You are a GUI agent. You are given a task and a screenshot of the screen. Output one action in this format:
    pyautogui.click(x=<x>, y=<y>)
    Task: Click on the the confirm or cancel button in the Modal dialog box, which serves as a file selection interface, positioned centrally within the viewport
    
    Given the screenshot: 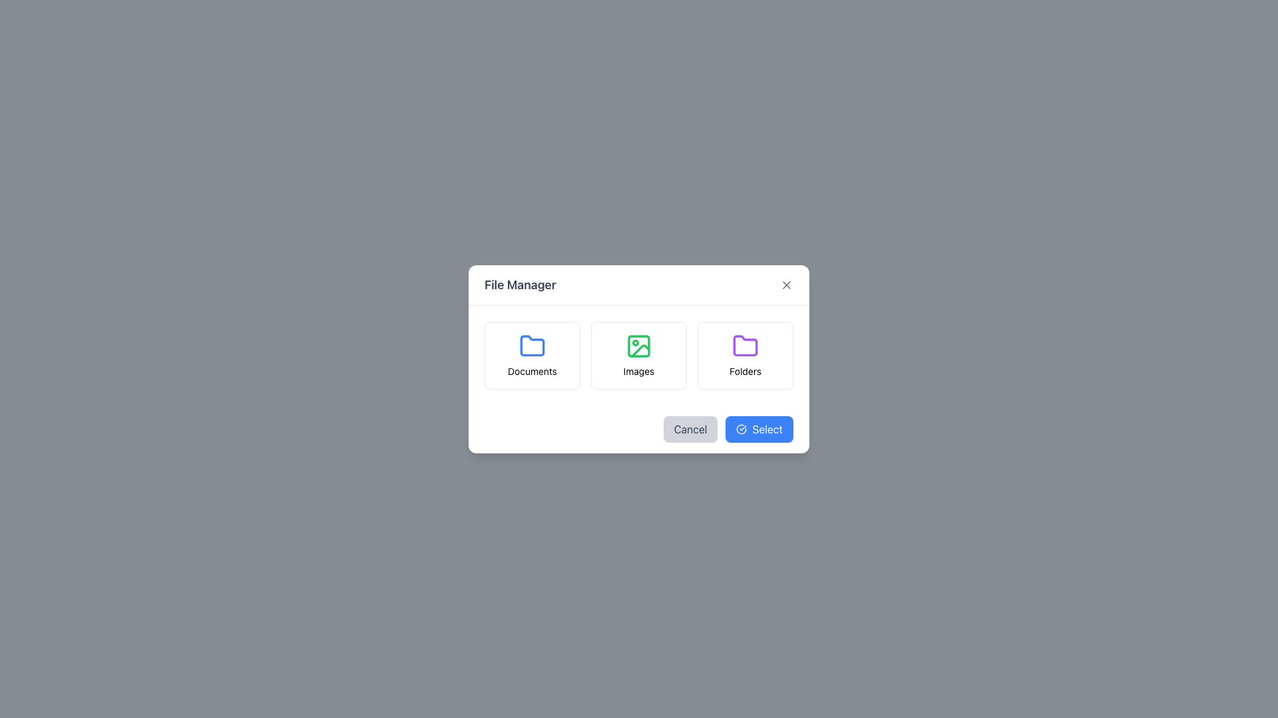 What is the action you would take?
    pyautogui.click(x=639, y=359)
    